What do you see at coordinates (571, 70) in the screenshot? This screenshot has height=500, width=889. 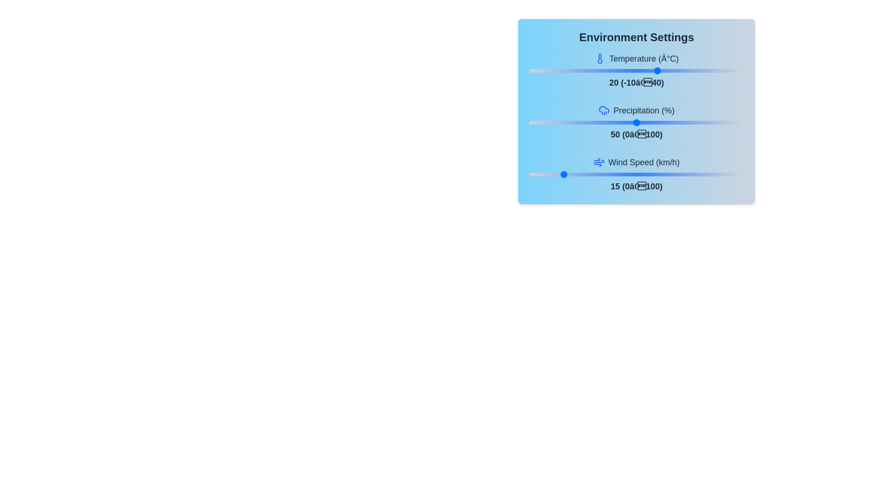 I see `the temperature` at bounding box center [571, 70].